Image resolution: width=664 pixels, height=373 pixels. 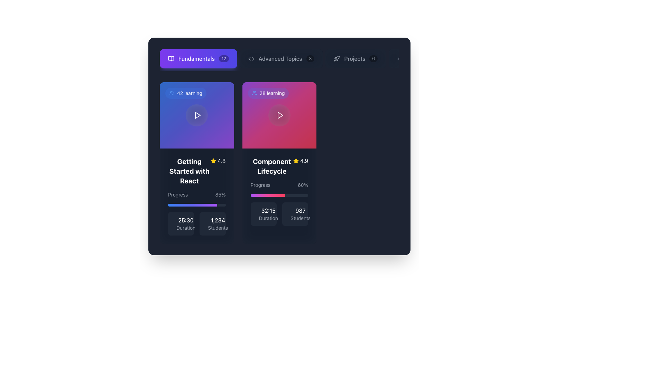 I want to click on the circular play icon located at the center of the card component labeled '42 learning', so click(x=196, y=115).